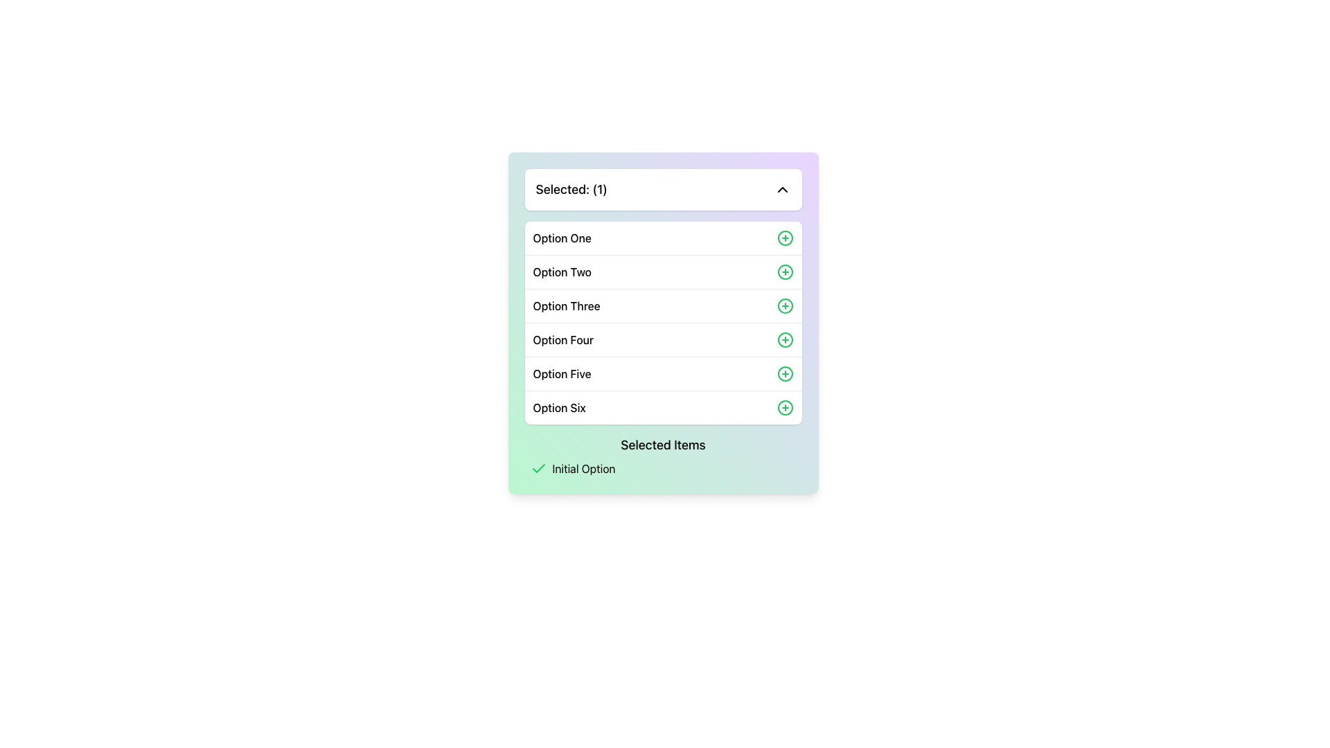  I want to click on the 'Option Six' list item, so click(662, 407).